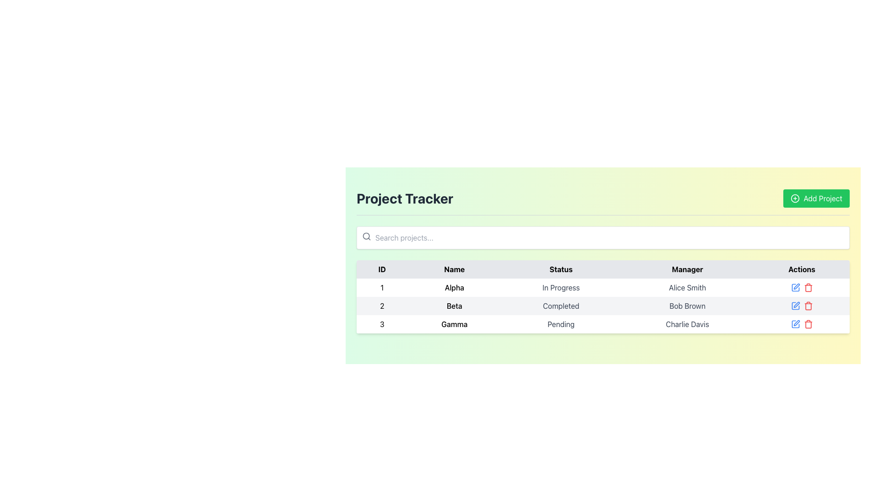 Image resolution: width=879 pixels, height=494 pixels. Describe the element at coordinates (808, 324) in the screenshot. I see `the trash bin icon in the actions column of the table associated with the Gamma project managed by Charlie Davis` at that location.